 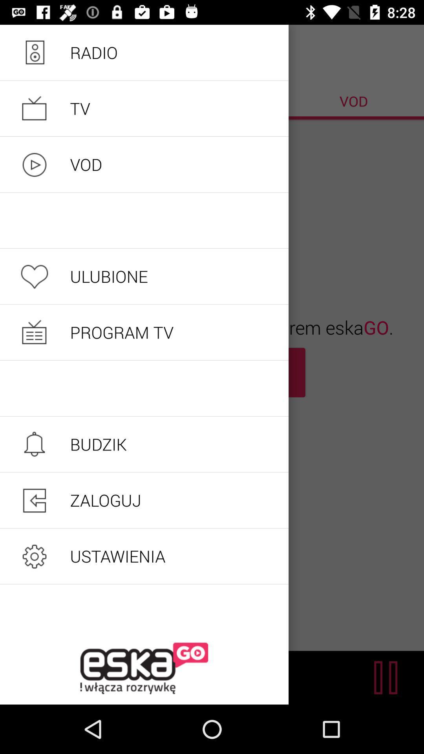 I want to click on the pause icon, so click(x=387, y=677).